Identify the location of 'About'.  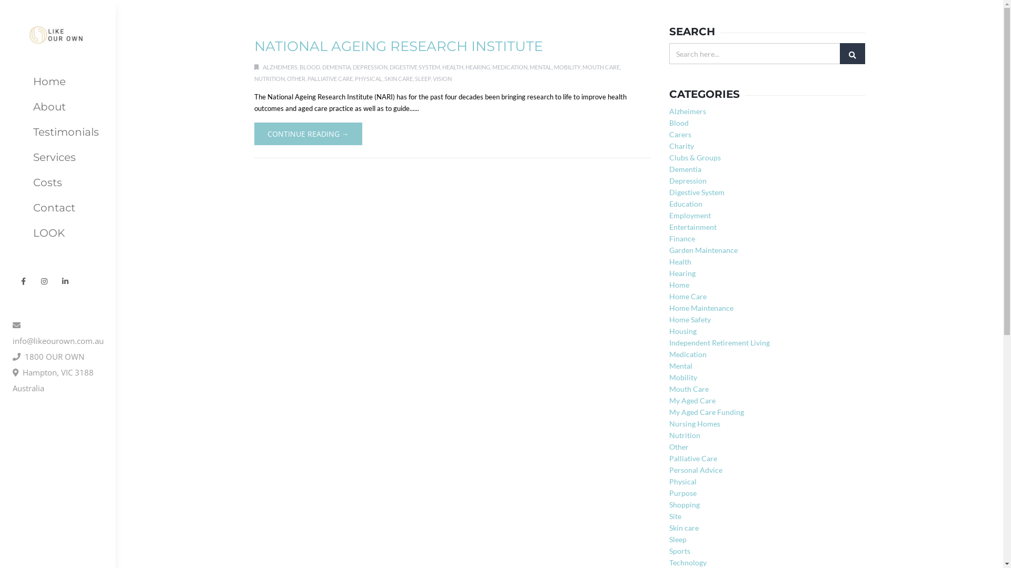
(57, 107).